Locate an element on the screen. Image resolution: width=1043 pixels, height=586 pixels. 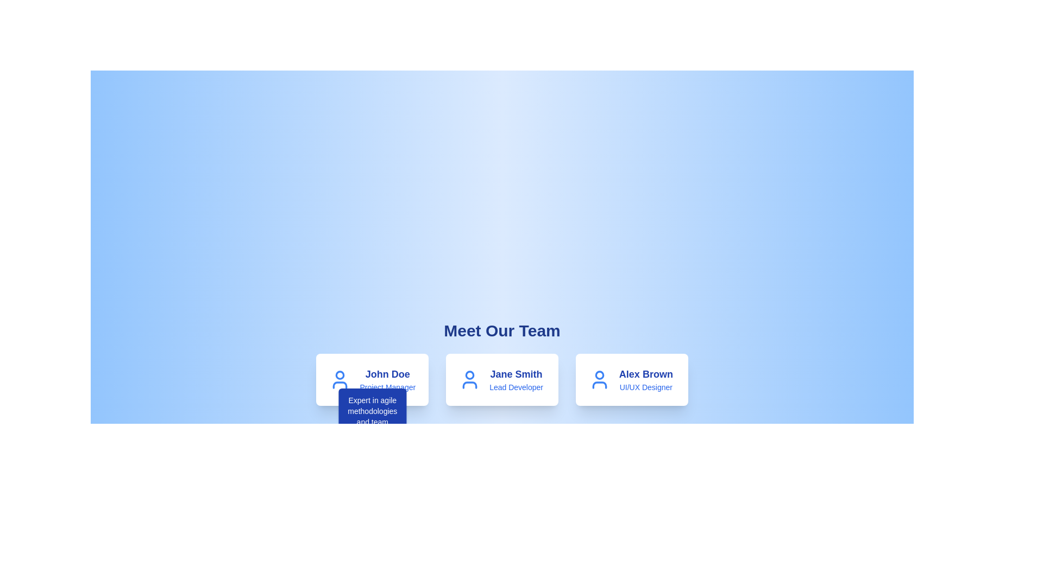
the text display showing 'John Doe' and 'Project Manager' in the first card under 'Meet Our Team' is located at coordinates (387, 379).